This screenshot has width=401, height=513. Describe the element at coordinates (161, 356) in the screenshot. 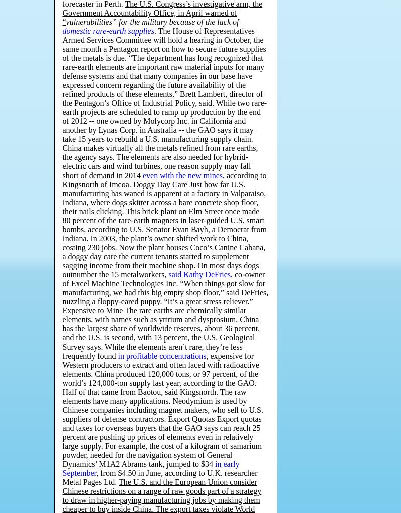

I see `'in profitable concentrations'` at that location.